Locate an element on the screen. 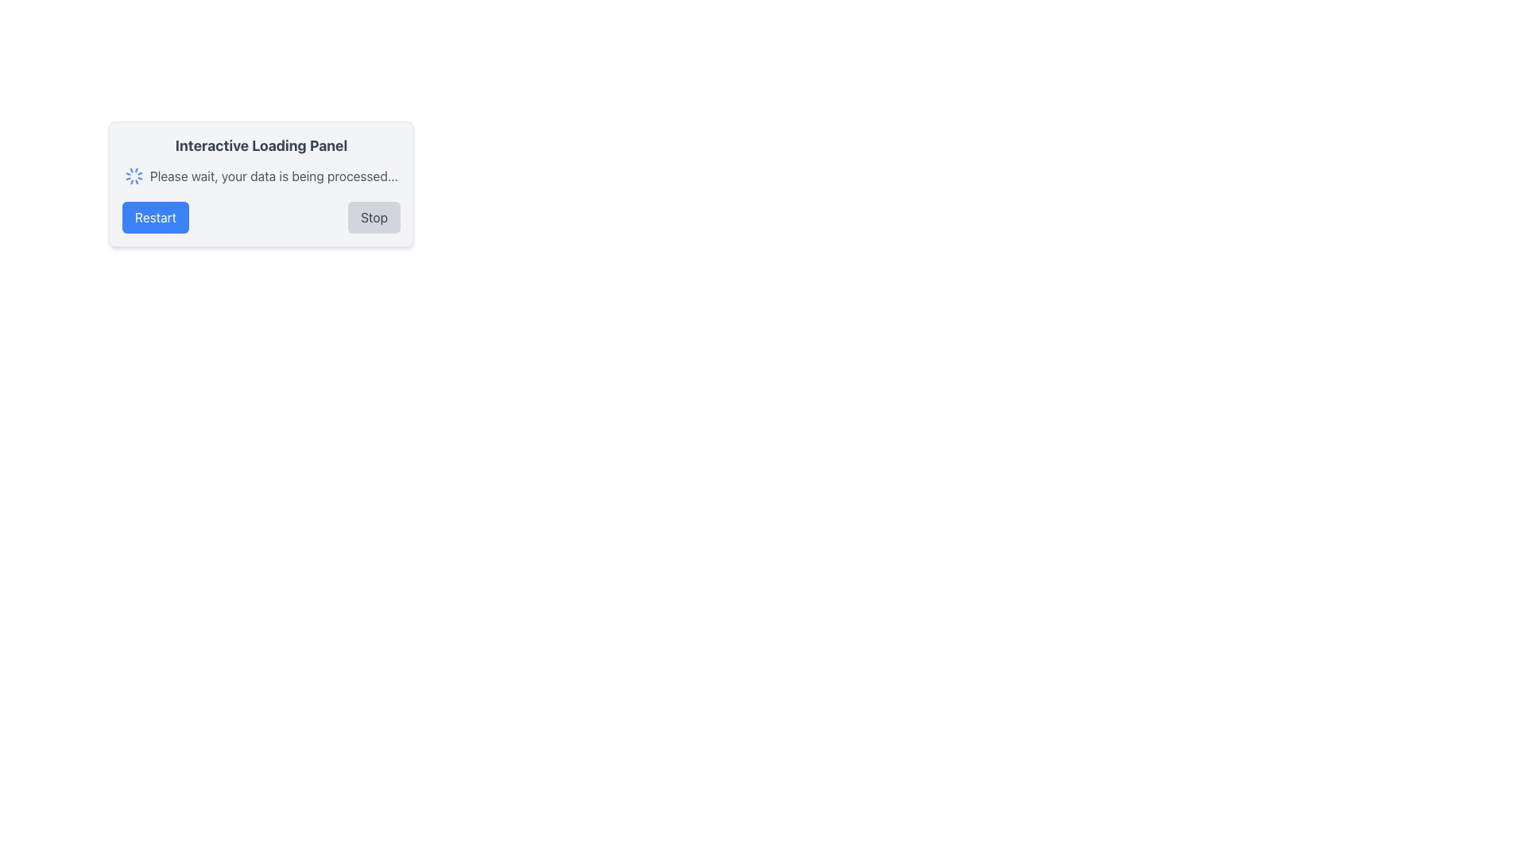  status message text located to the right of the spinning loader icon in the 'Interactive Loading Panel', positioned below the header text is located at coordinates (274, 176).